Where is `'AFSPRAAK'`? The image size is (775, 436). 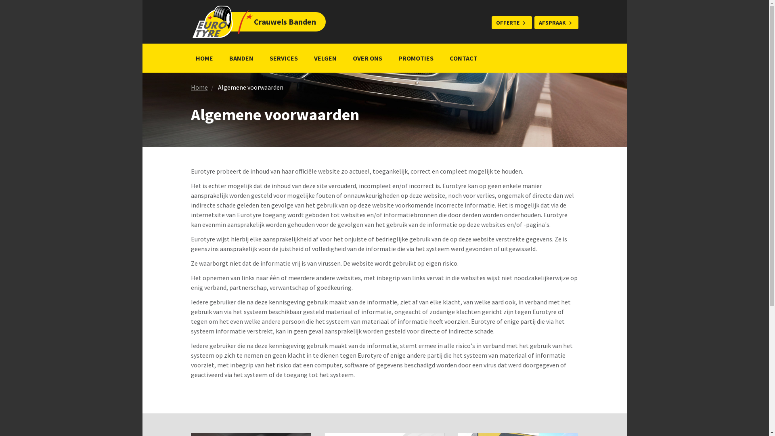
'AFSPRAAK' is located at coordinates (556, 22).